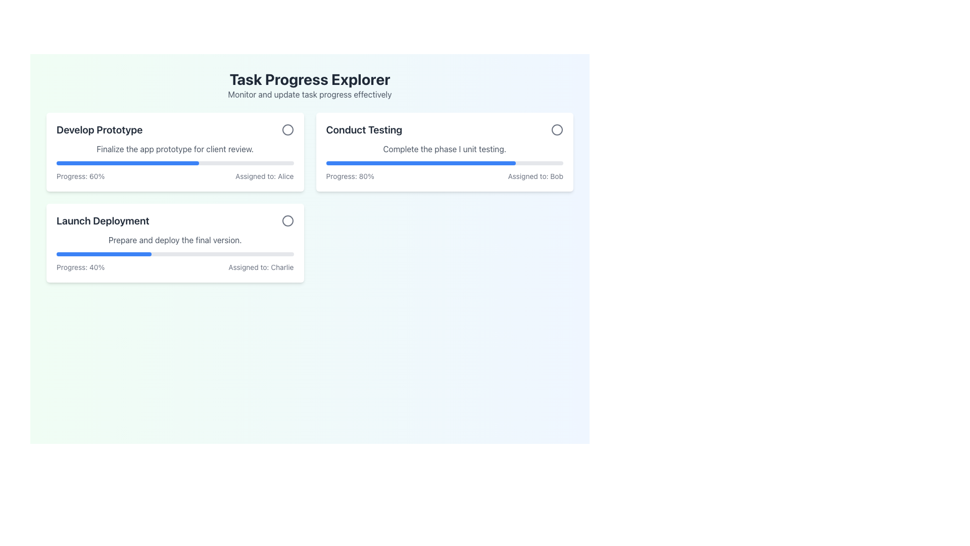  Describe the element at coordinates (175, 243) in the screenshot. I see `the Card UI component with the title 'Launch Deployment', which has a white background, rounded corners, and displays progress at 40%` at that location.